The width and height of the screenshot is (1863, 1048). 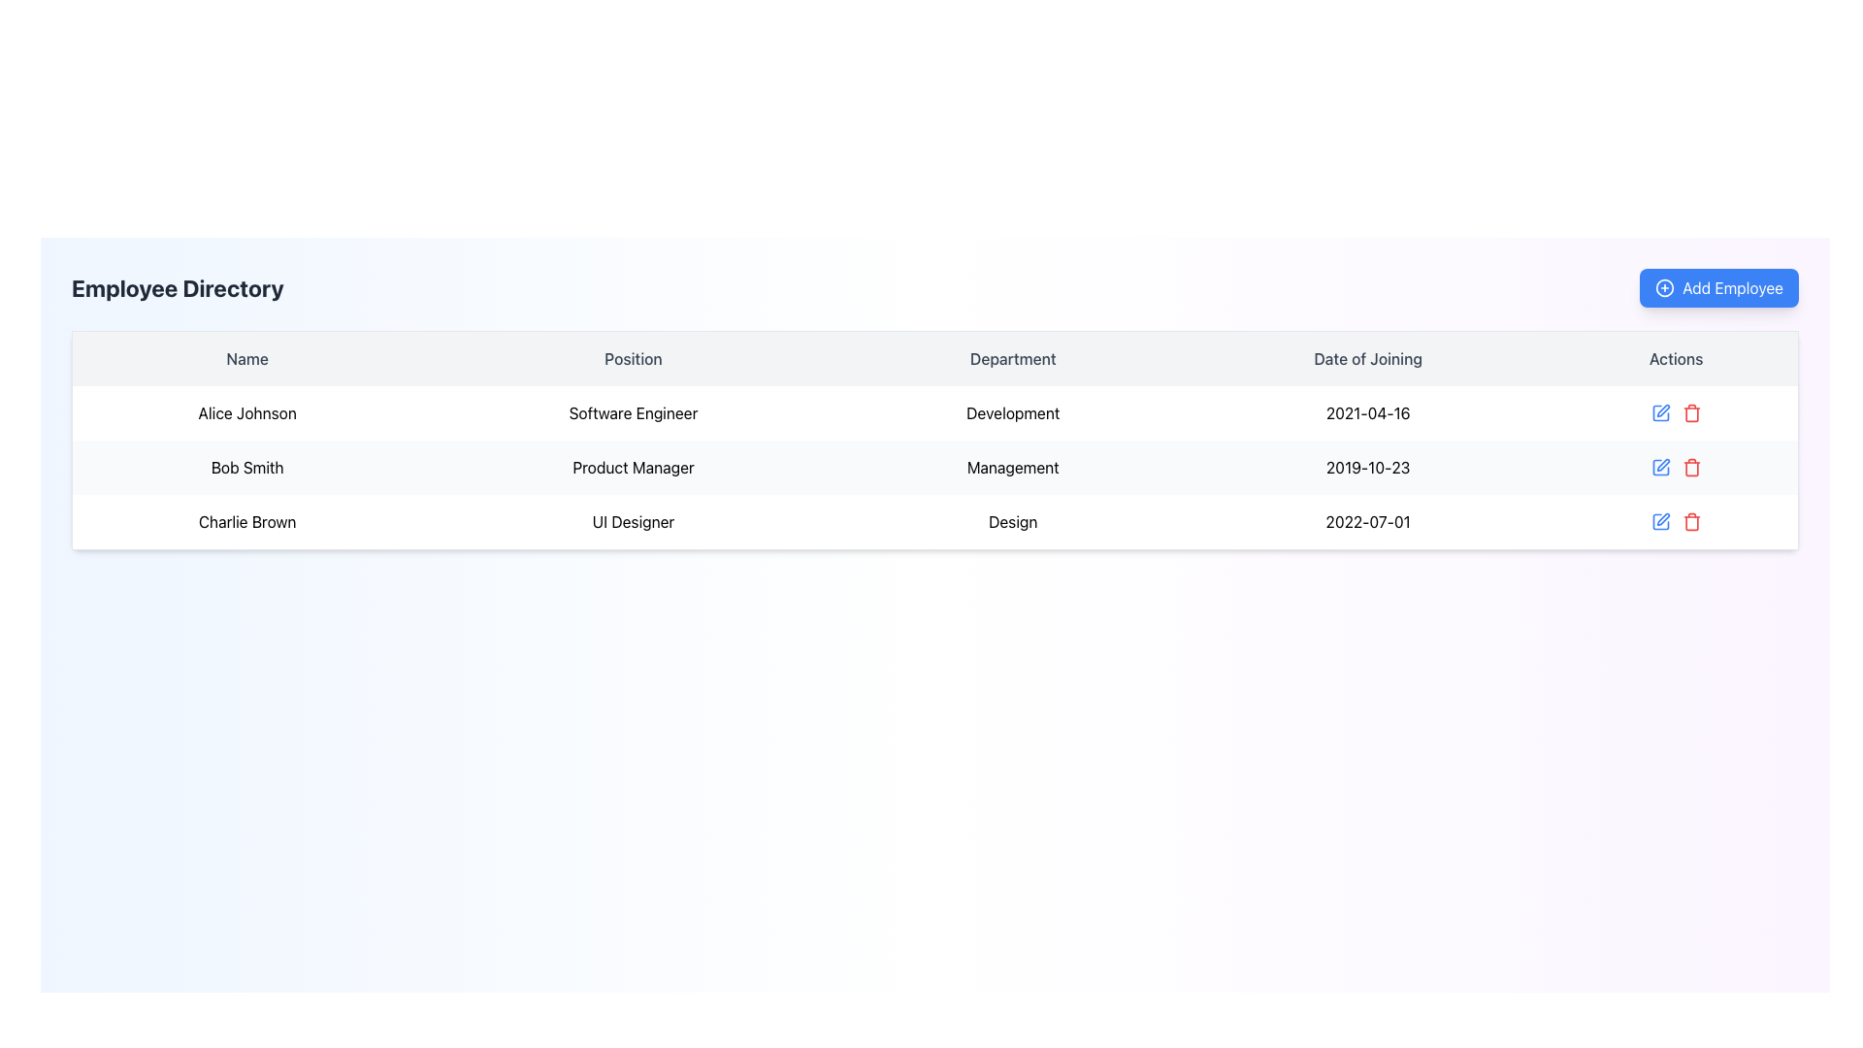 I want to click on the circular blue icon with a cross inside, located within the 'Add Employee' button at the top-right corner of the interface, to initiate the action, so click(x=1664, y=288).